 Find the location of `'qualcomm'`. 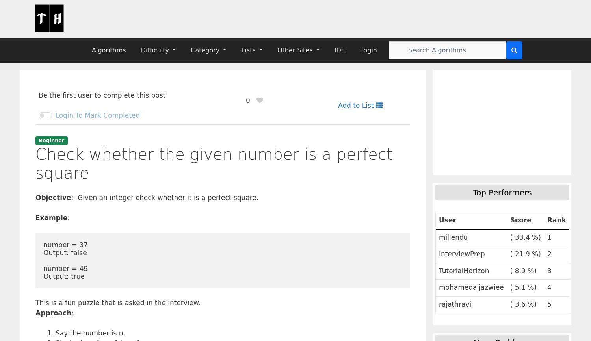

'qualcomm' is located at coordinates (458, 264).